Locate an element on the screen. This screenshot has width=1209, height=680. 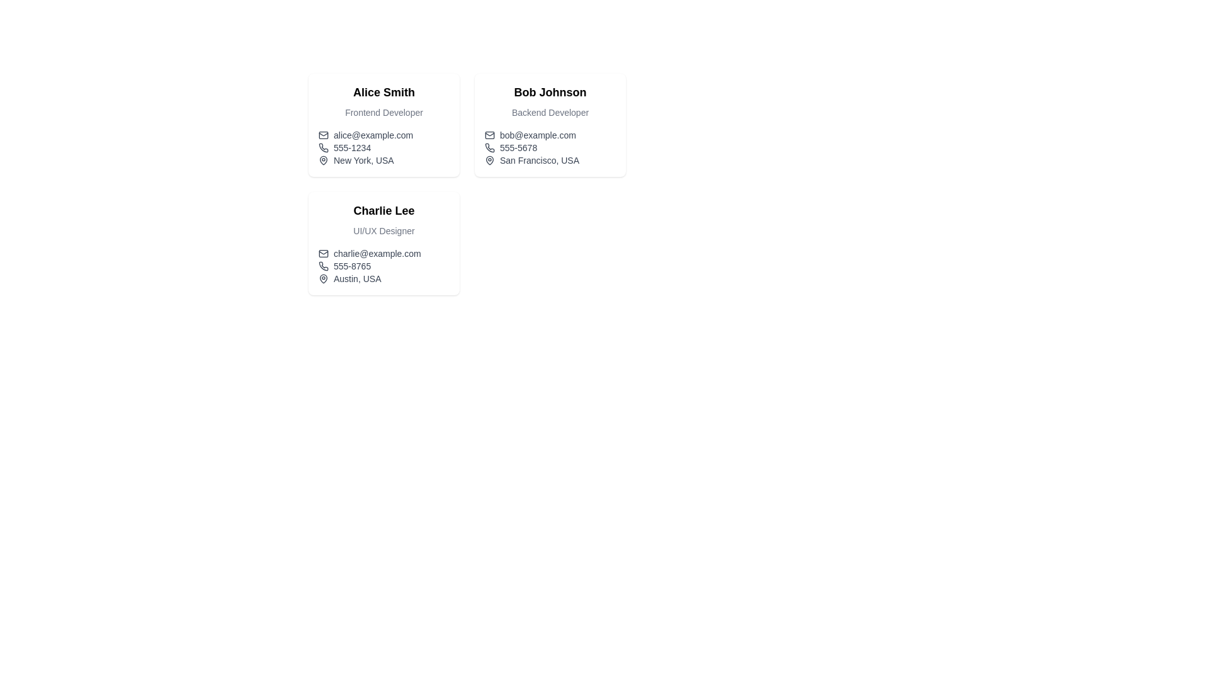
the text label displaying 'Austin, USA' in dark gray, located in the third card of Charlie Lee's profile, positioned as the fourth item in the contact details list is located at coordinates (356, 278).